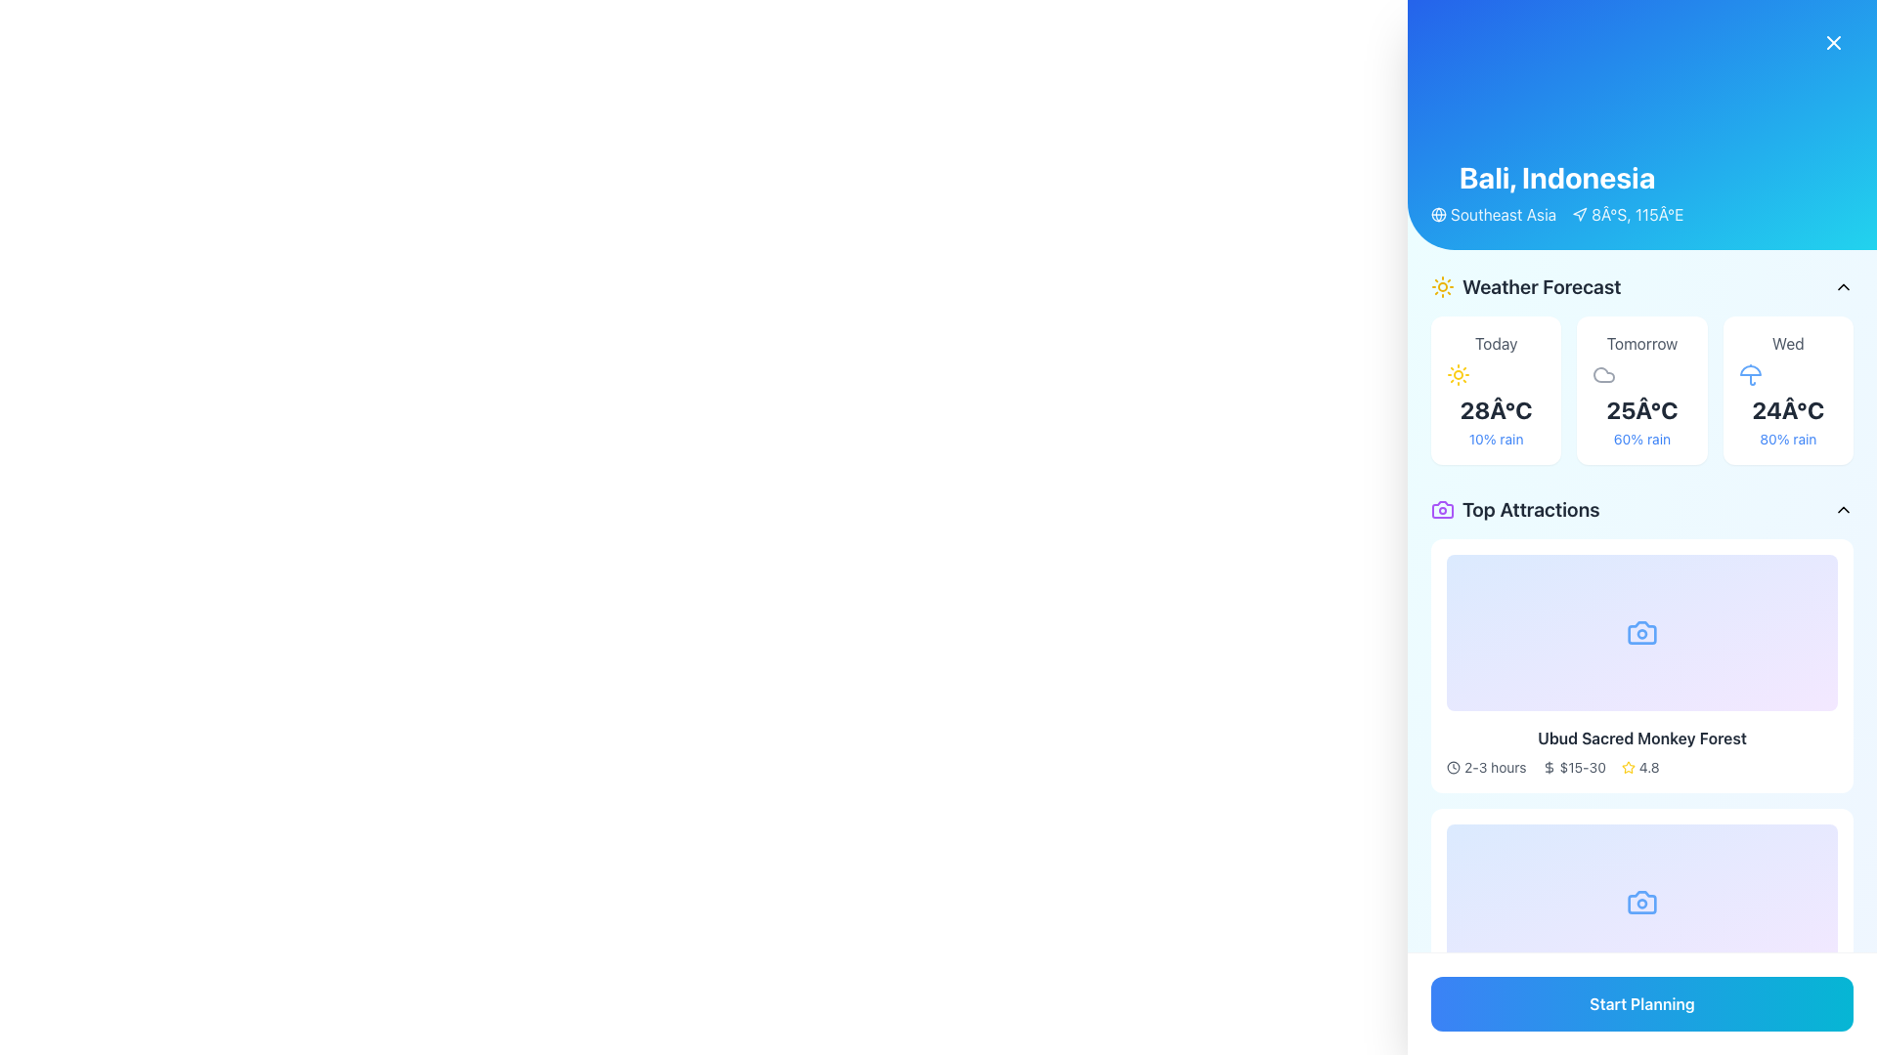  What do you see at coordinates (1495, 440) in the screenshot?
I see `the informational text about the likelihood of rain located under the temperature value '28°C' in the 'Today' weather card` at bounding box center [1495, 440].